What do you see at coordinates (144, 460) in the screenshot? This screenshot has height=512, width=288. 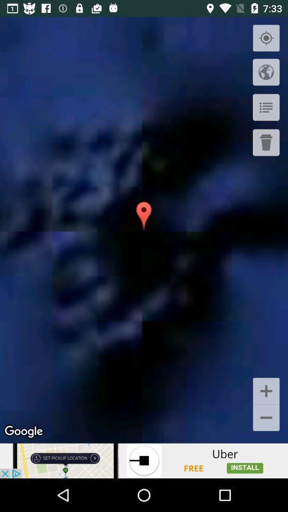 I see `upload the particular app` at bounding box center [144, 460].